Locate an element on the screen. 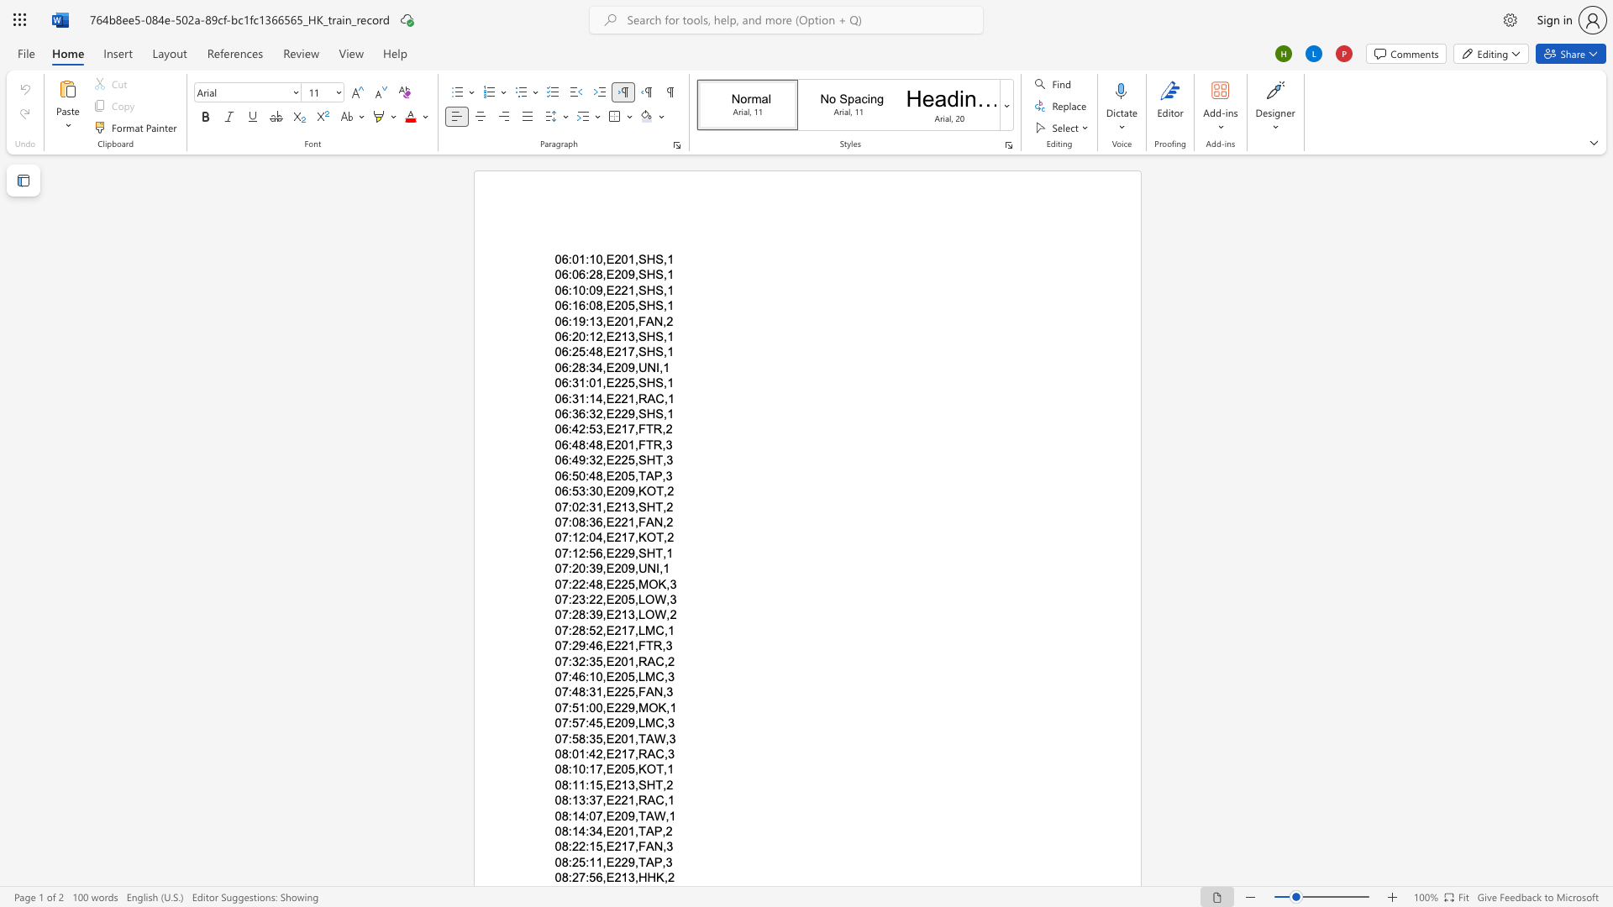  the subset text "205" within the text "07:46:10,E205,LMC,3" is located at coordinates (613, 676).